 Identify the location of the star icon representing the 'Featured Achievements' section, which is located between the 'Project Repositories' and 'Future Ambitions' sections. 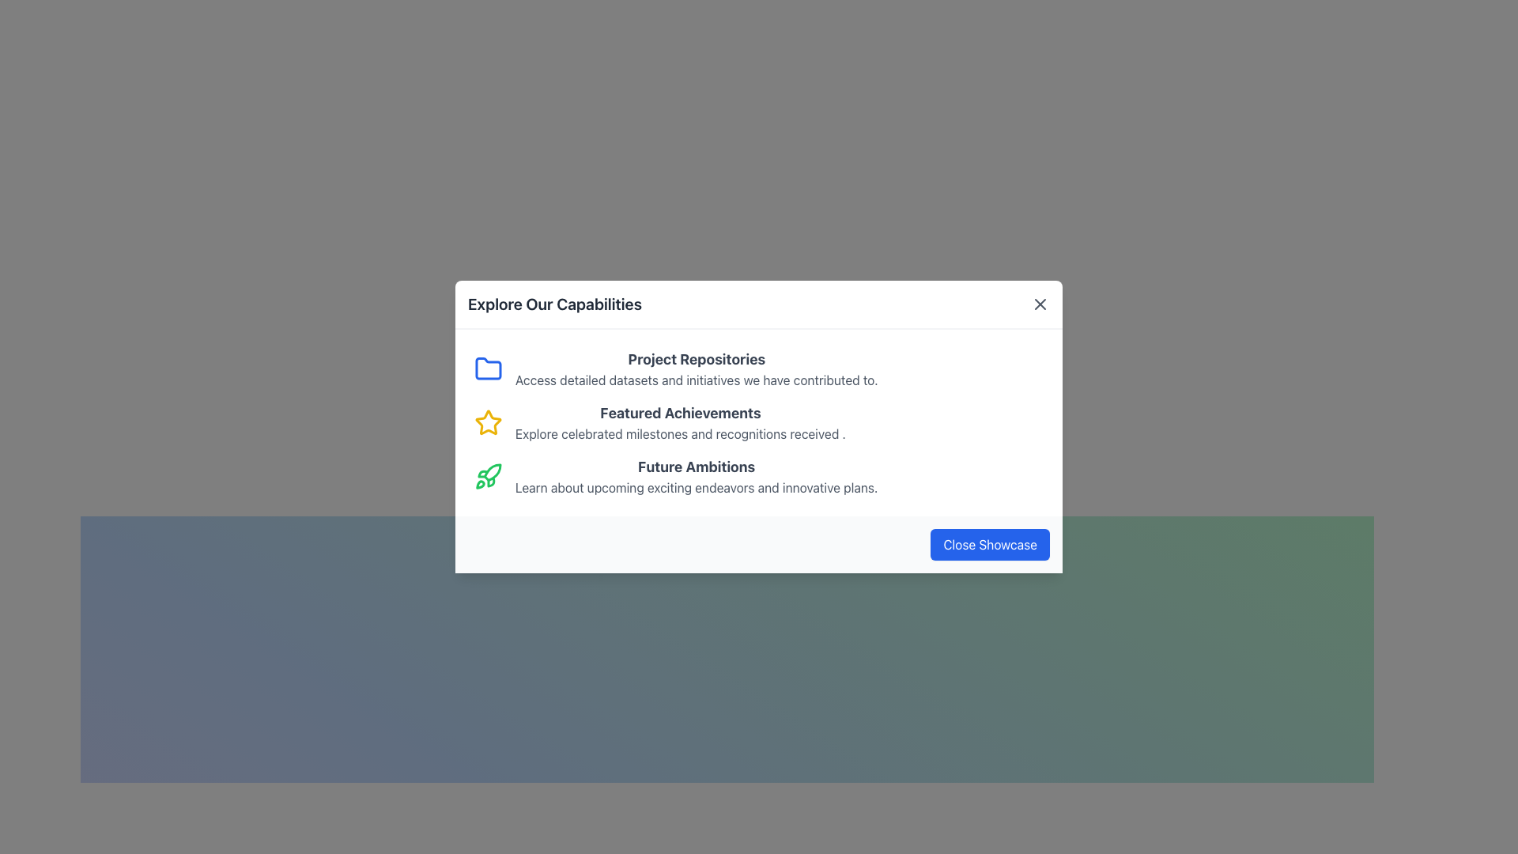
(488, 422).